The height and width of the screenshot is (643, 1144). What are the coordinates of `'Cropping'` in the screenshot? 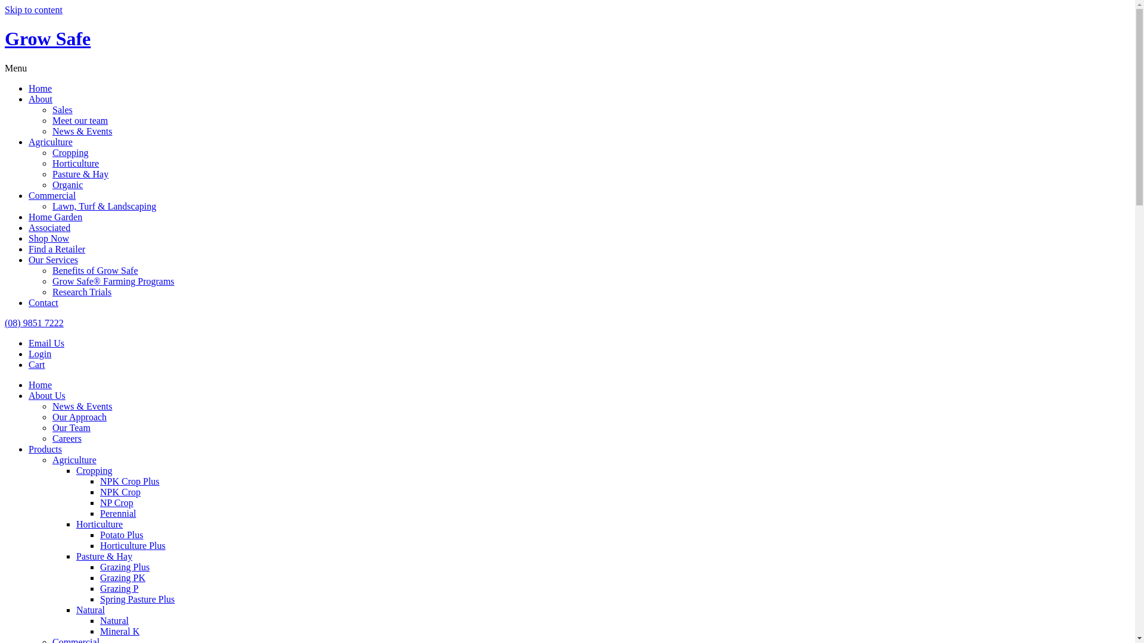 It's located at (51, 152).